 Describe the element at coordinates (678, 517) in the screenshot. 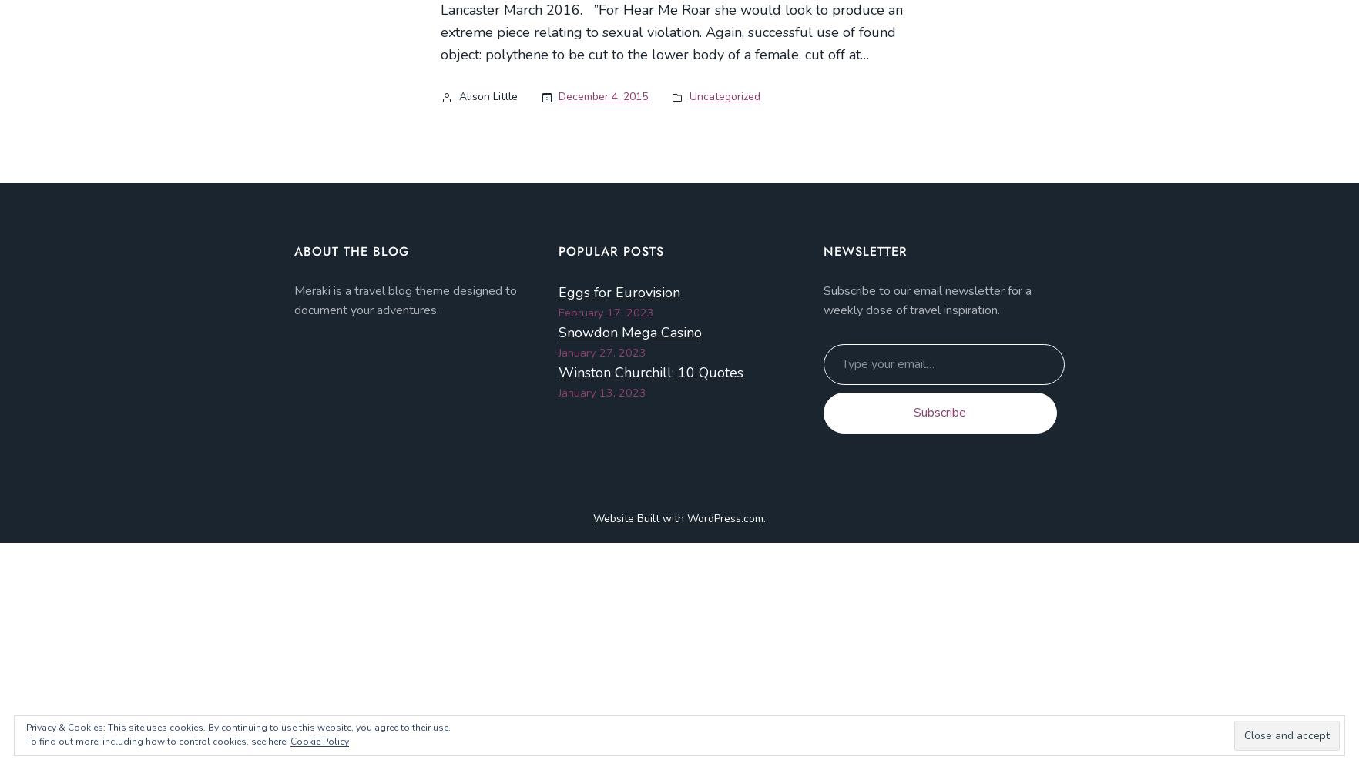

I see `'Website Built with WordPress.com'` at that location.